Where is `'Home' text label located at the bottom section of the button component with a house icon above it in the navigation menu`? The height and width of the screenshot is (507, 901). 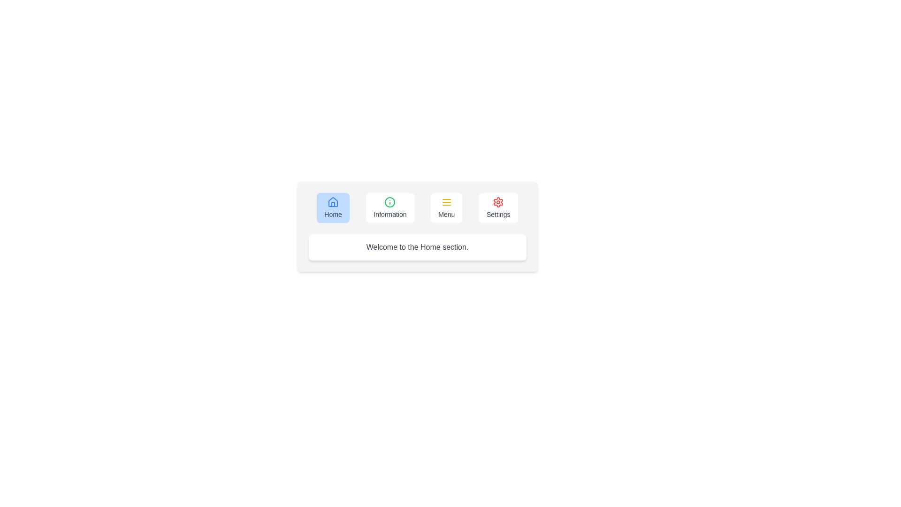
'Home' text label located at the bottom section of the button component with a house icon above it in the navigation menu is located at coordinates (333, 214).